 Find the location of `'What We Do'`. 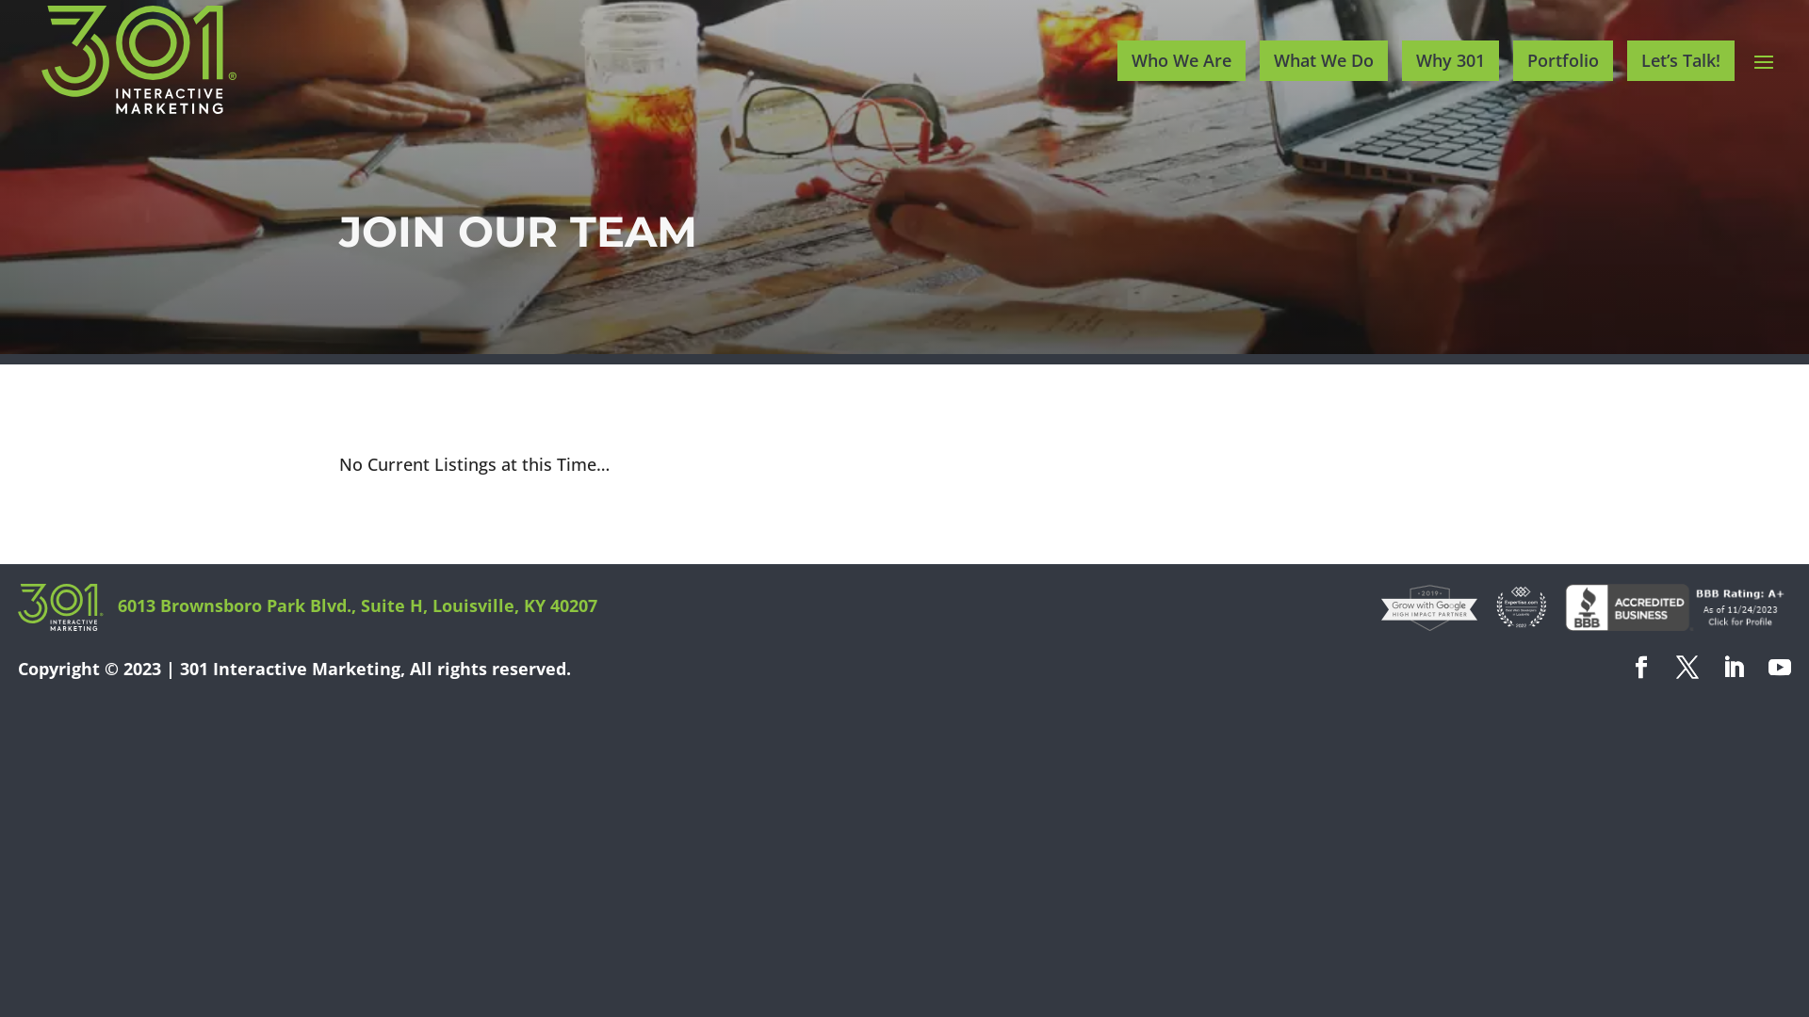

'What We Do' is located at coordinates (1323, 59).